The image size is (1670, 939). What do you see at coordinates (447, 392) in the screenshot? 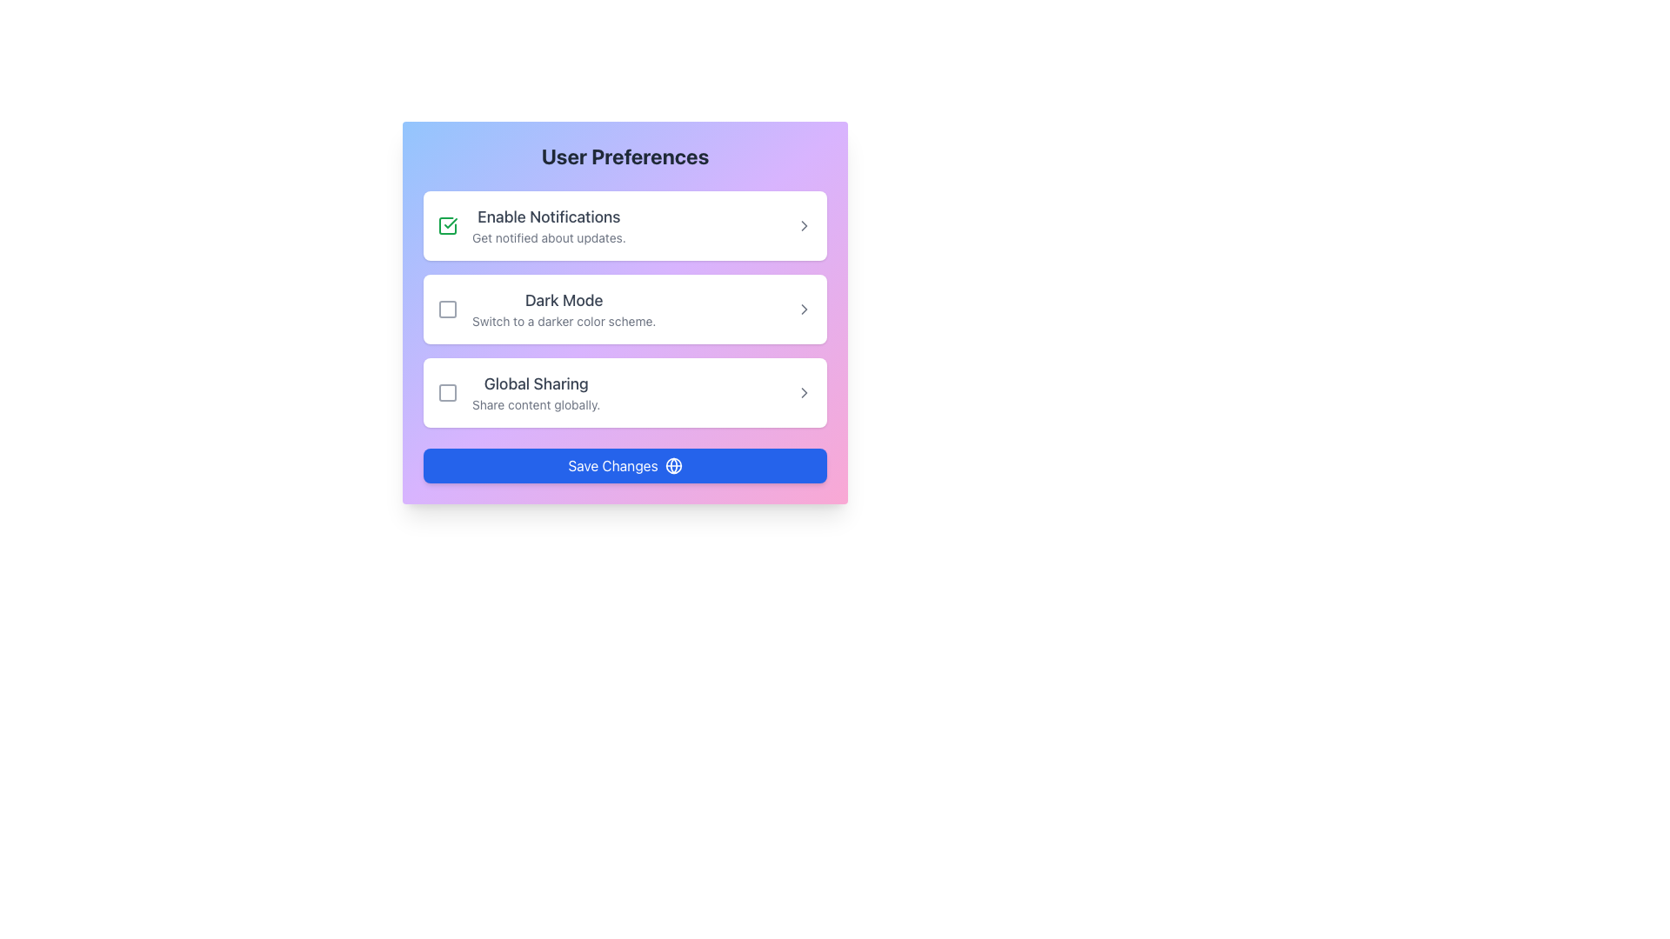
I see `the checkbox for the 'Global Sharing' option` at bounding box center [447, 392].